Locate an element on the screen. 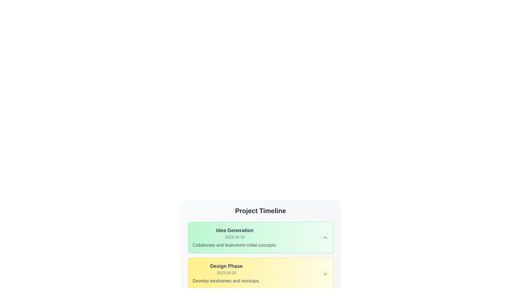  text label that serves as the heading for the 'Design Phase' section, which is located above the date '2023-10-20' is located at coordinates (226, 266).